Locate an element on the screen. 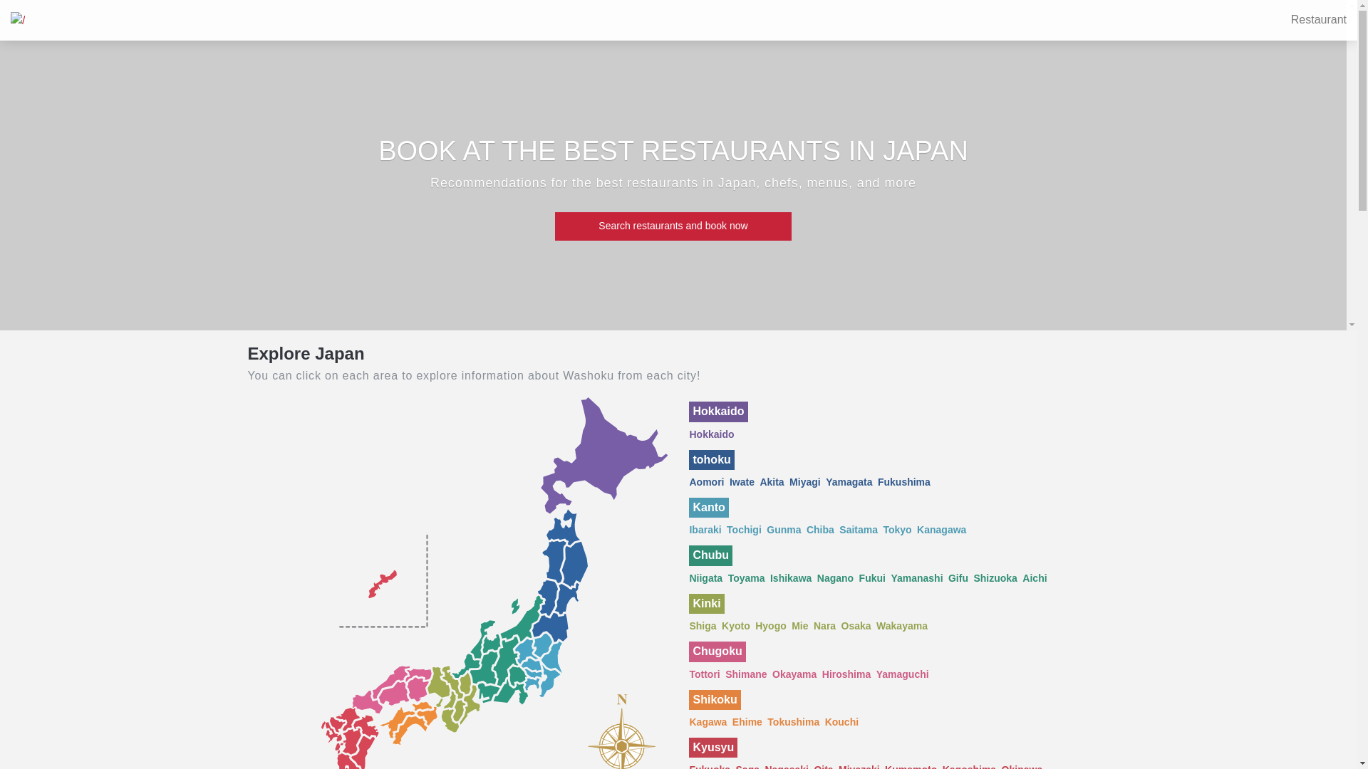 The image size is (1368, 769). 'Iwate' is located at coordinates (729, 481).